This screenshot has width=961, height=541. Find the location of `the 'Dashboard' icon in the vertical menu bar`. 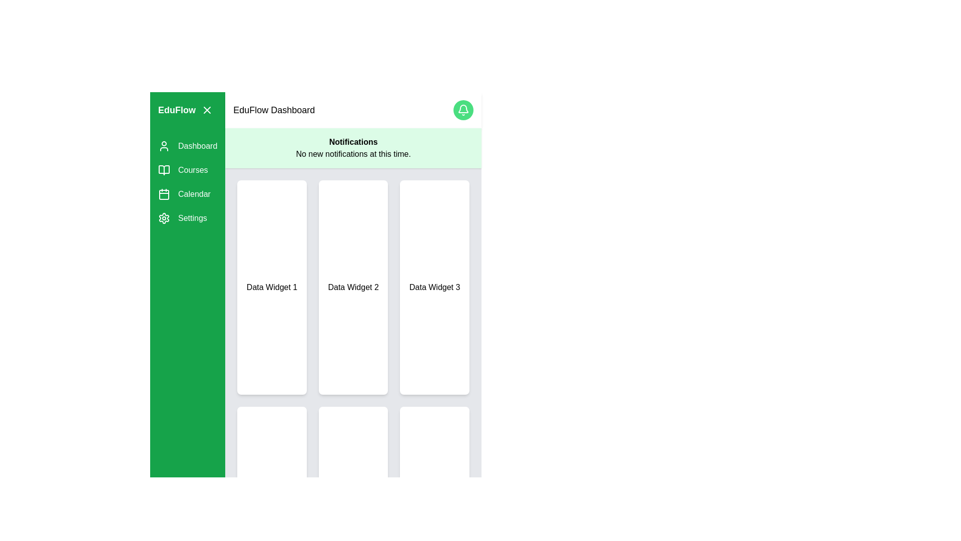

the 'Dashboard' icon in the vertical menu bar is located at coordinates (164, 146).